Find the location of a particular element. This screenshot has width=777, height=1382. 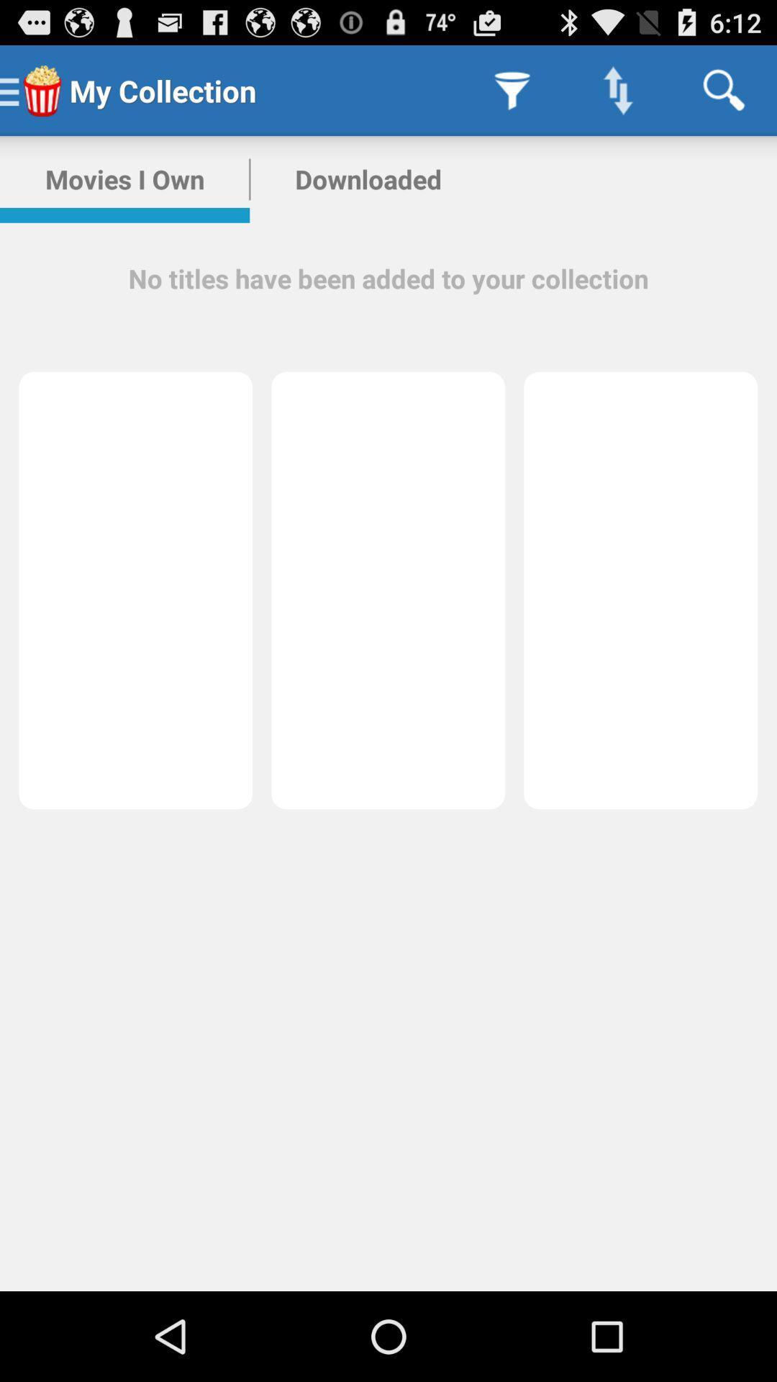

the icon above the no titles have is located at coordinates (124, 179).